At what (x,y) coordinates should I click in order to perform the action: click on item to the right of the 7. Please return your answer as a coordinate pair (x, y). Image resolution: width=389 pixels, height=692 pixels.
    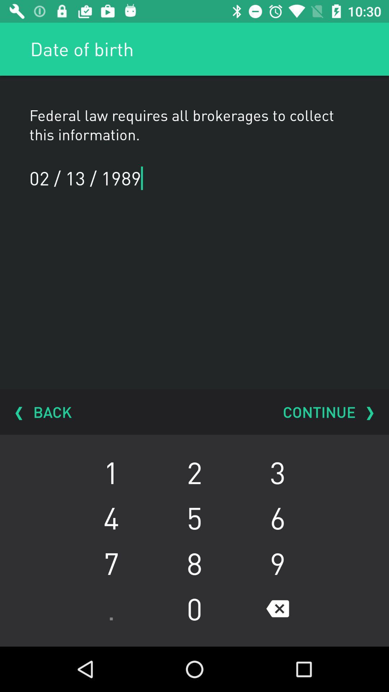
    Looking at the image, I should click on (194, 608).